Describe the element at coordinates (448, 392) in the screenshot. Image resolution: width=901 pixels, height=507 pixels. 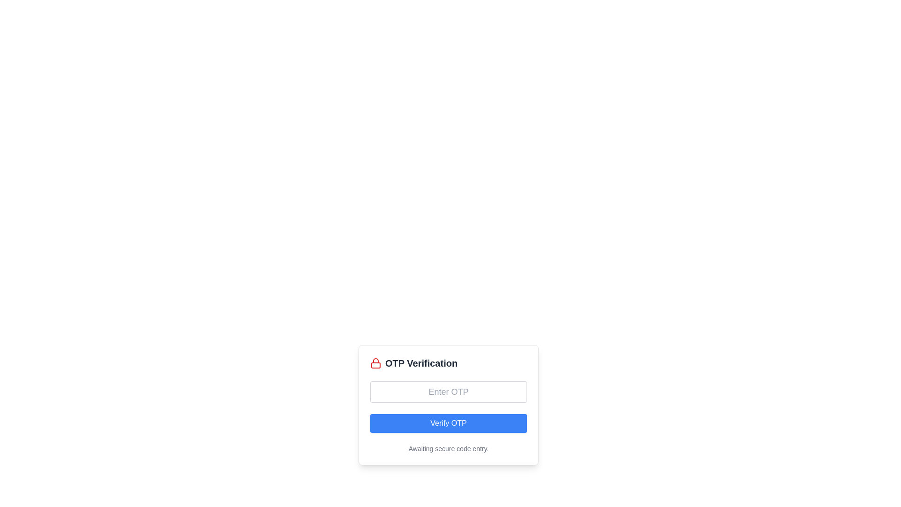
I see `on the text input box that has a gray border and placeholder text 'Enter OTP', located in the 'OTP Verification' card` at that location.